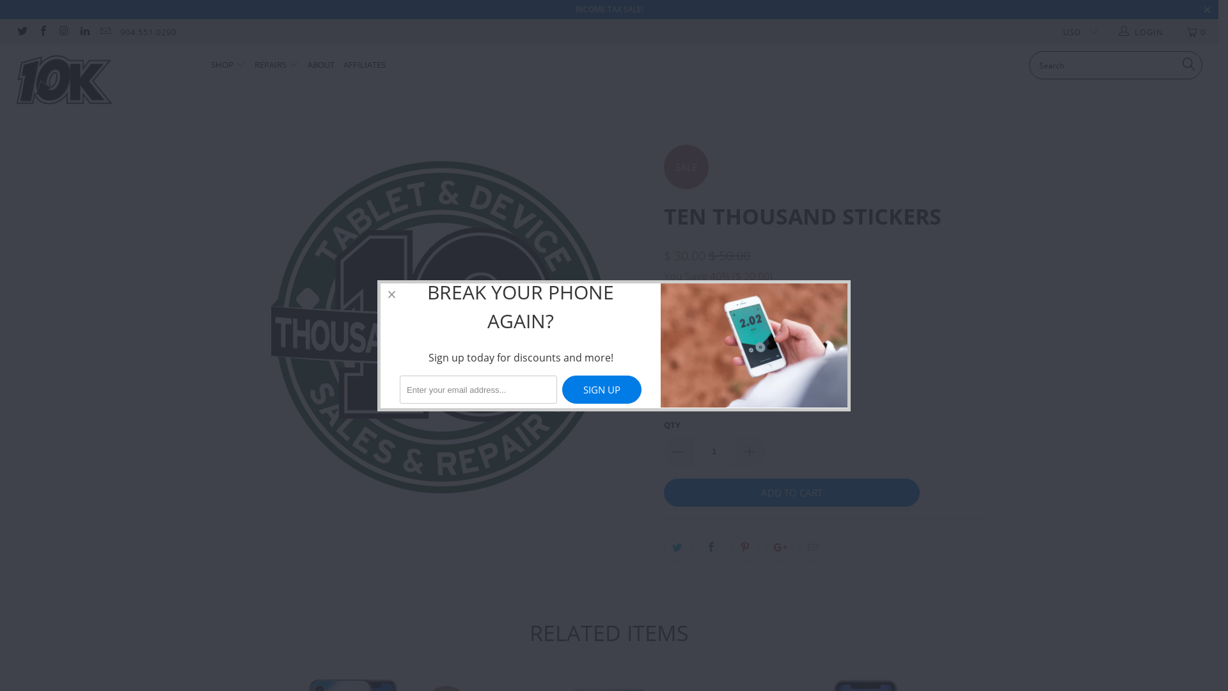 The width and height of the screenshot is (1228, 691). Describe the element at coordinates (211, 65) in the screenshot. I see `'SHOP'` at that location.